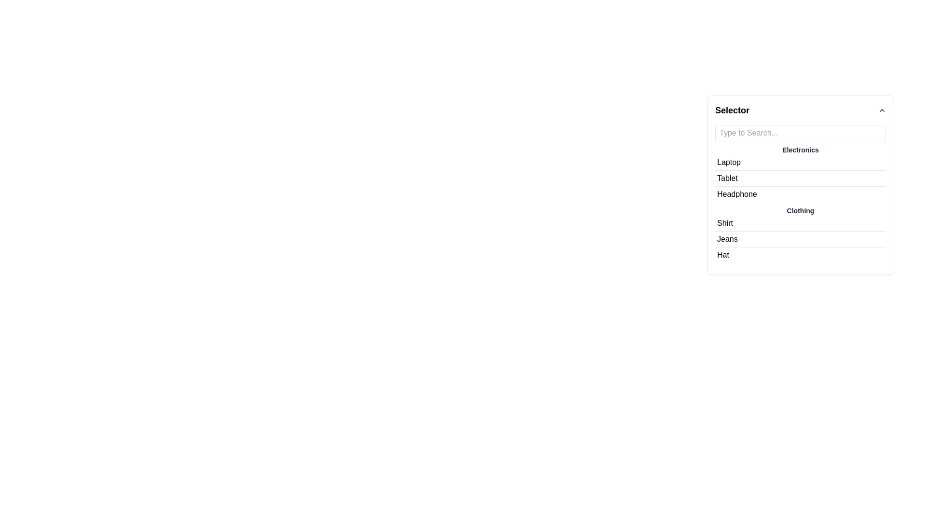 The image size is (926, 521). I want to click on the second item in the dropdown list under 'Electronics', so click(801, 178).